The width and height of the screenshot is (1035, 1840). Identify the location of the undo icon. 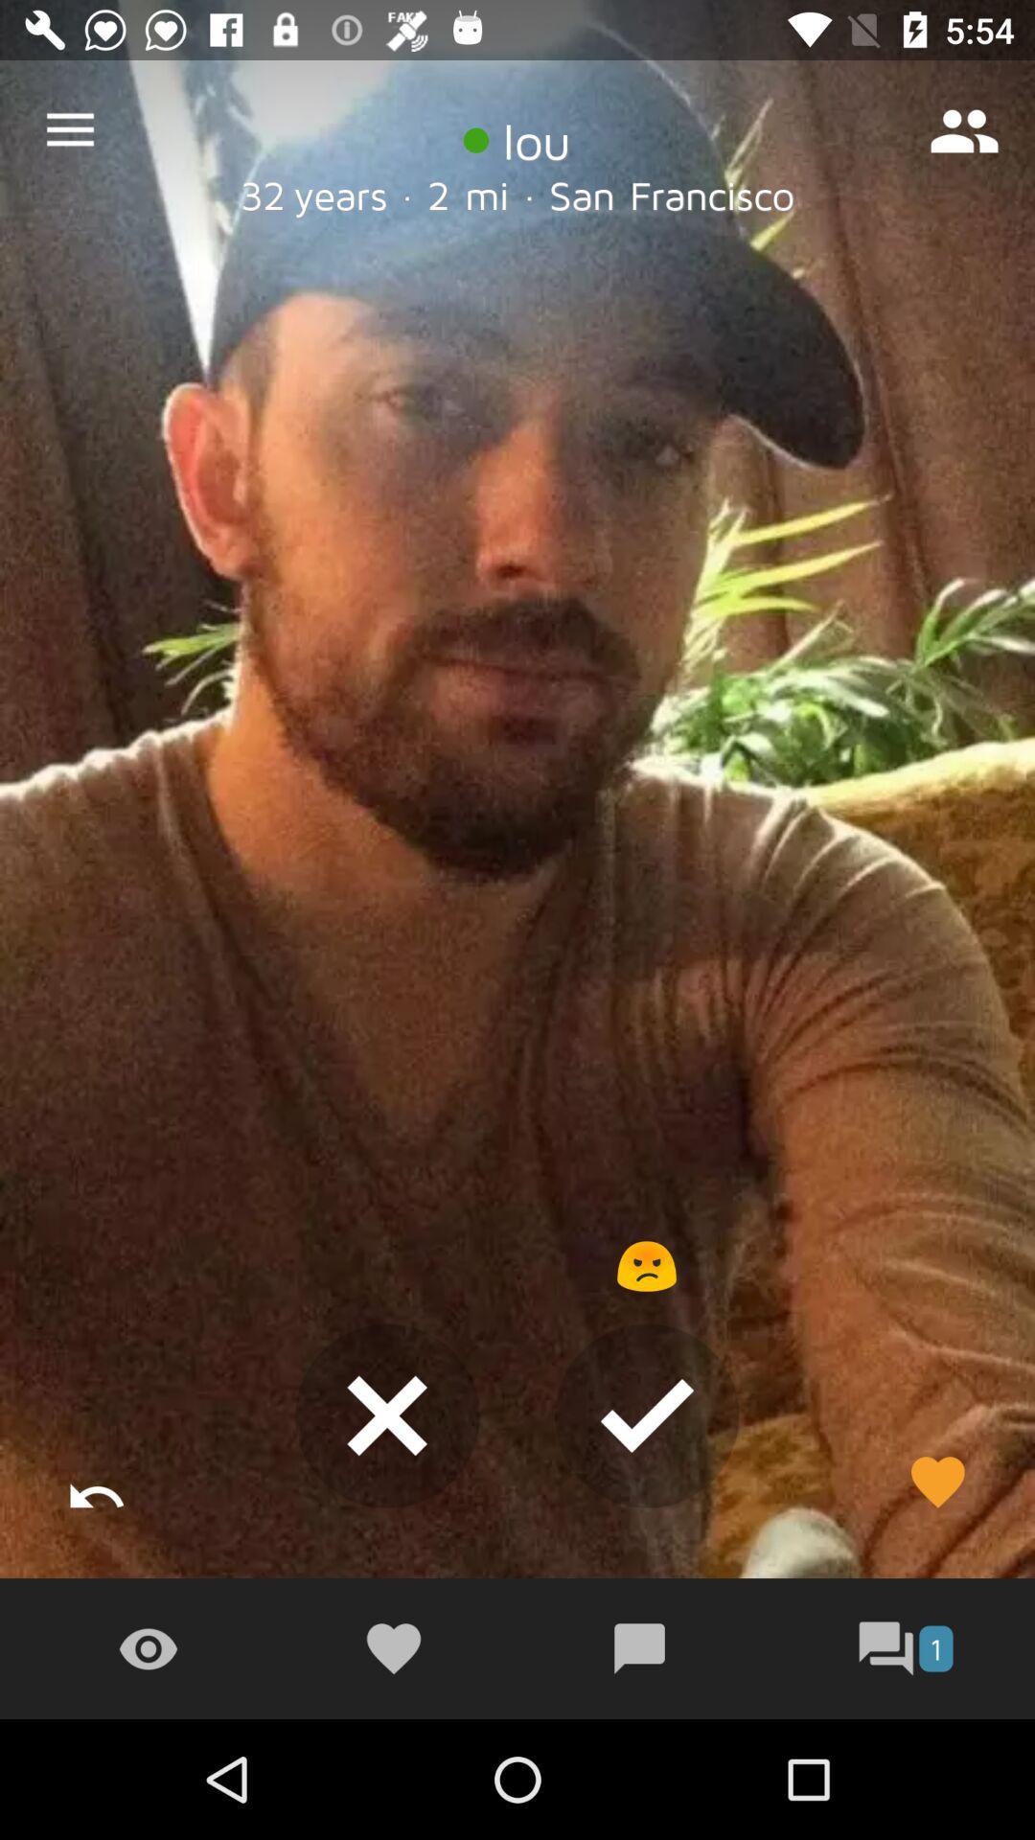
(97, 1481).